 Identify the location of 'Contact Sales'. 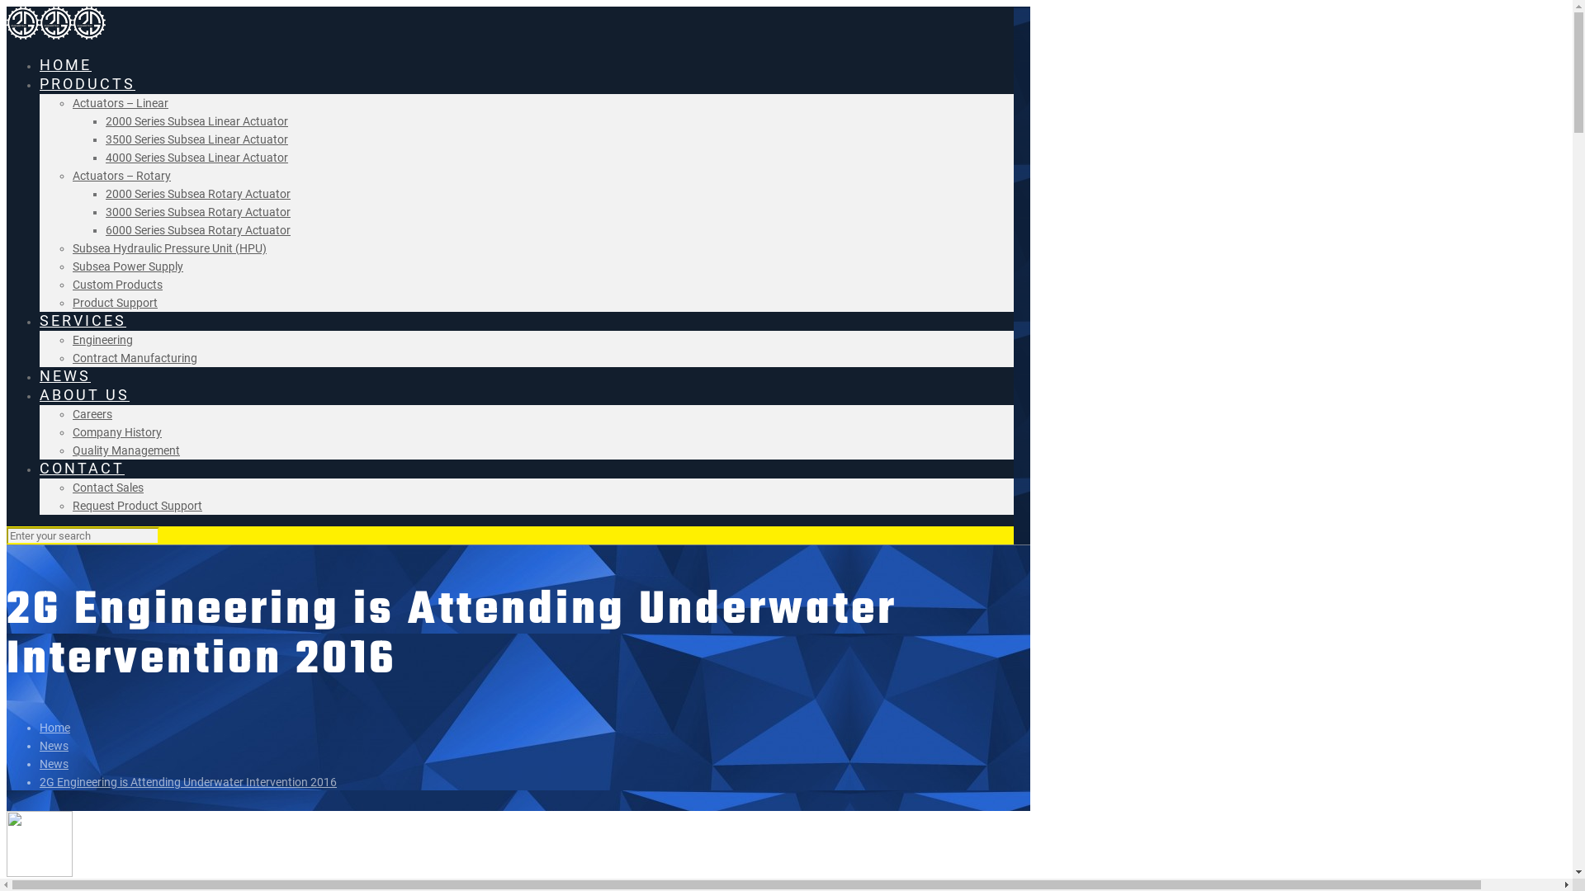
(106, 486).